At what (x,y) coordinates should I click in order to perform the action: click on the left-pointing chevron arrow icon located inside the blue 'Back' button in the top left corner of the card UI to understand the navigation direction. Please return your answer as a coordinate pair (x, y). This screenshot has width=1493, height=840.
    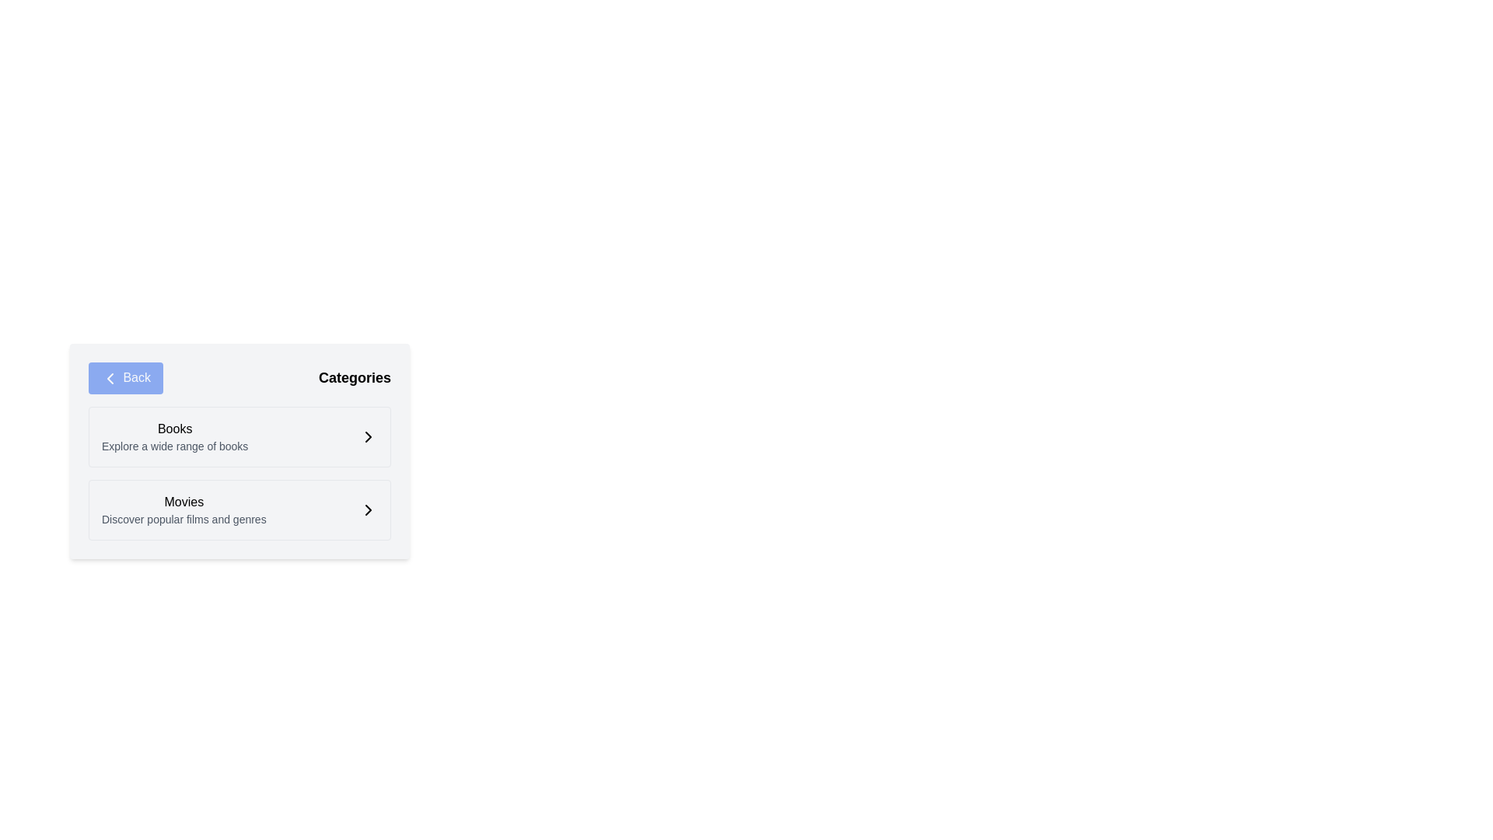
    Looking at the image, I should click on (110, 378).